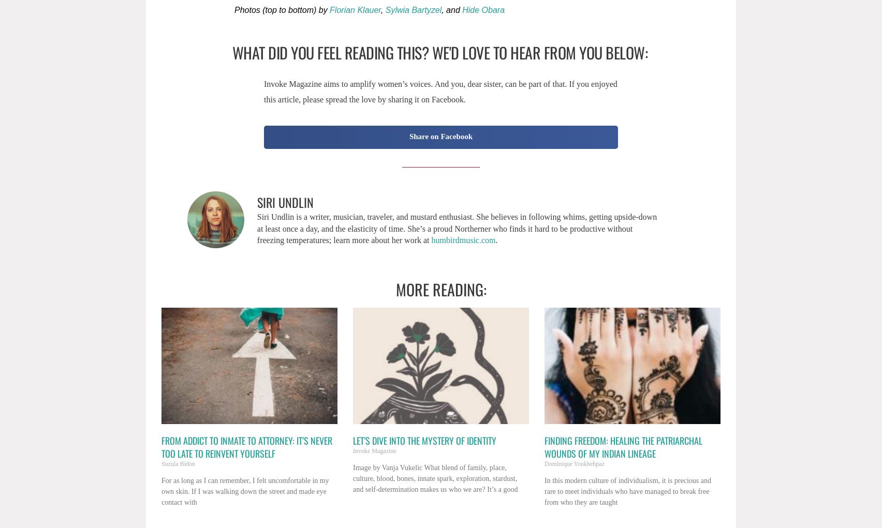 The image size is (882, 528). What do you see at coordinates (355, 9) in the screenshot?
I see `'Florian Klauer'` at bounding box center [355, 9].